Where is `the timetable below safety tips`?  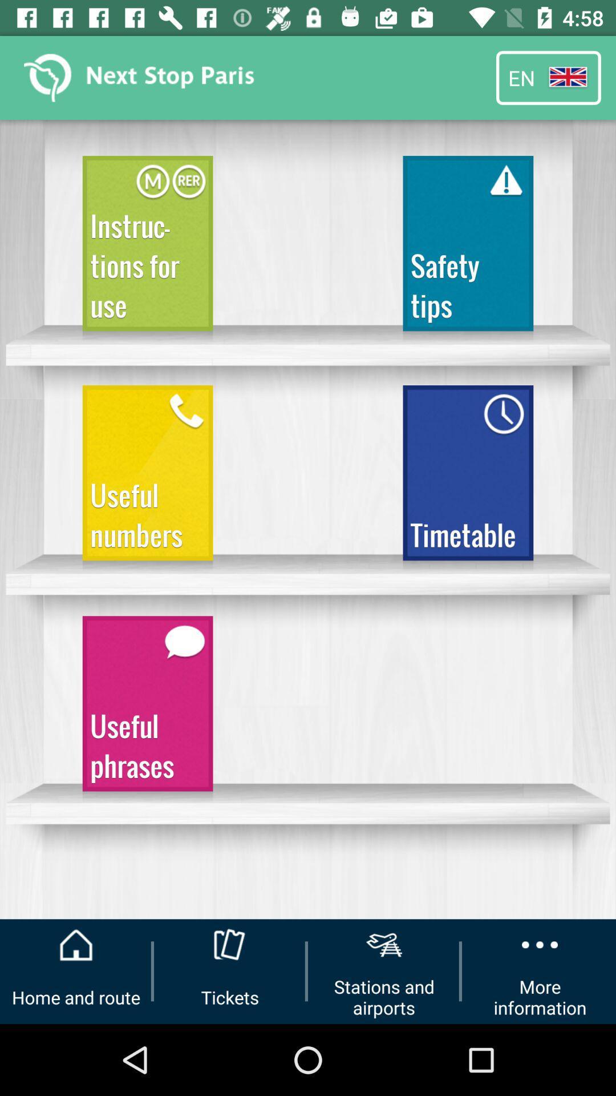 the timetable below safety tips is located at coordinates (468, 478).